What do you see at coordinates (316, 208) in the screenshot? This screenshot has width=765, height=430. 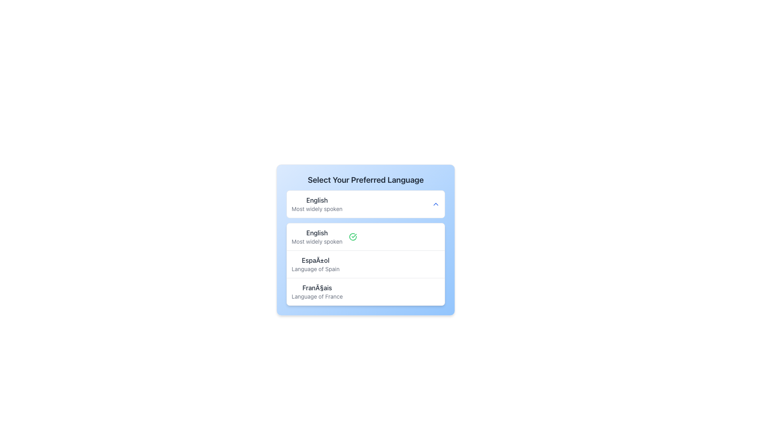 I see `the descriptive text label located below the 'English' text in the dropdown component` at bounding box center [316, 208].